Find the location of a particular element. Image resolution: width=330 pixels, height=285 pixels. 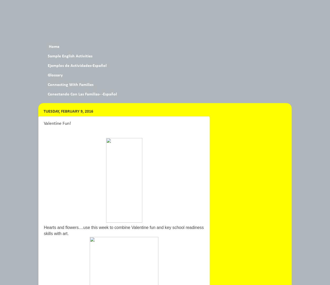

'Ejemplos de Actividades-Español' is located at coordinates (77, 66).